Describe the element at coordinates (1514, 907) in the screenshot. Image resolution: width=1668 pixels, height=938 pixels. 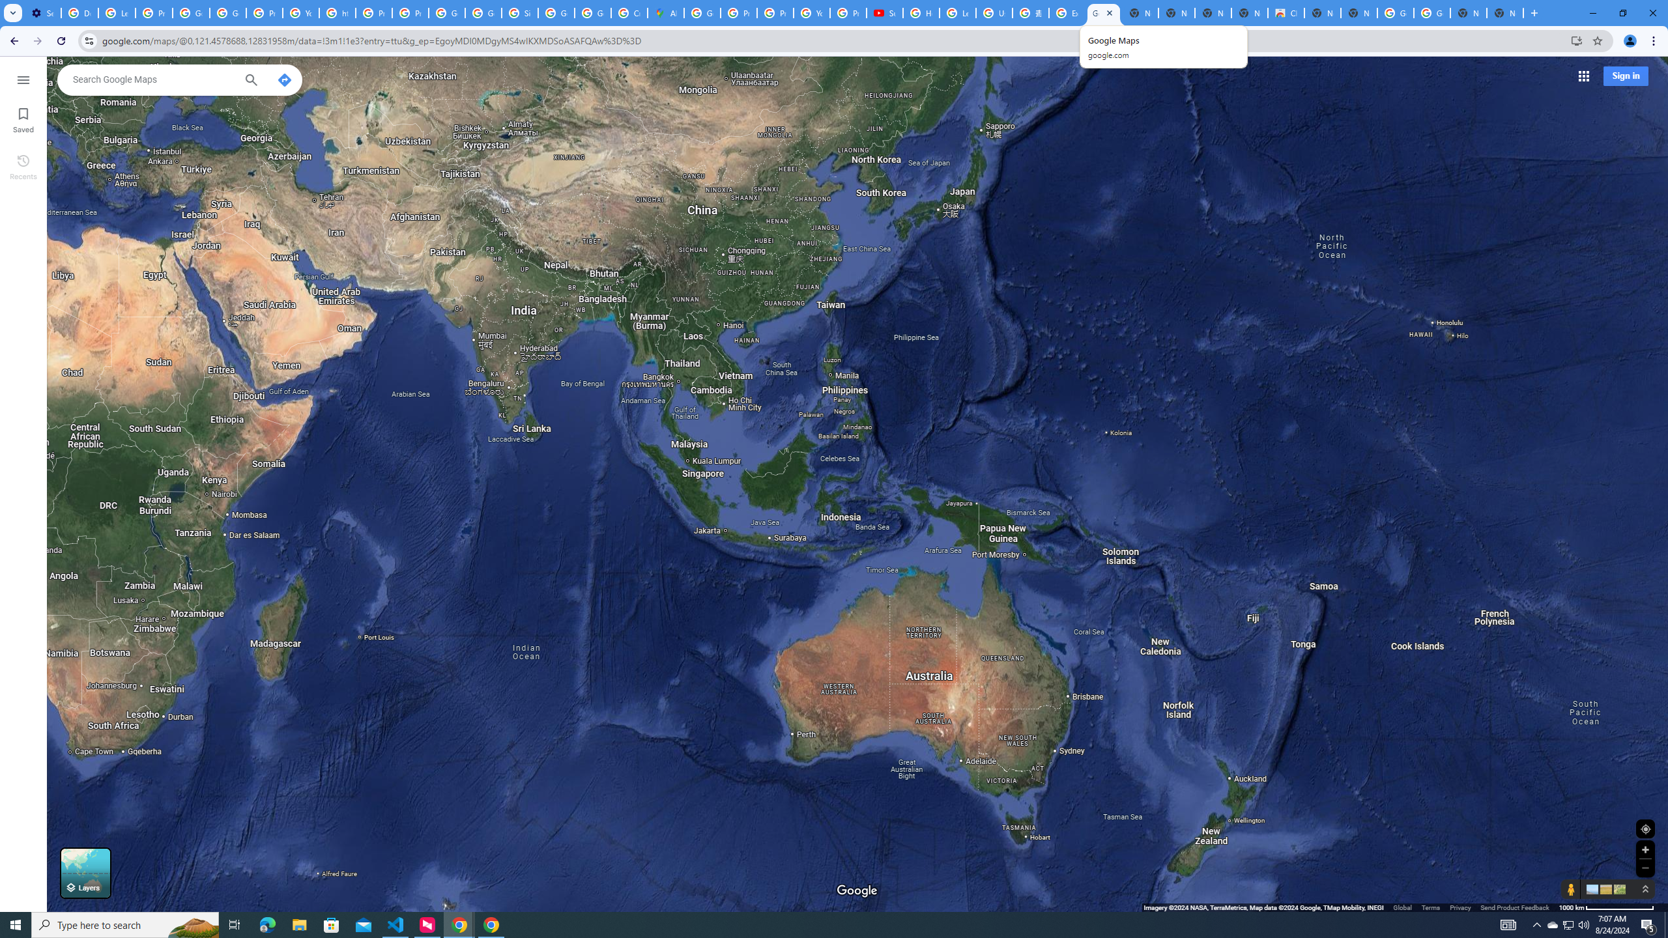
I see `'Send Product Feedback'` at that location.